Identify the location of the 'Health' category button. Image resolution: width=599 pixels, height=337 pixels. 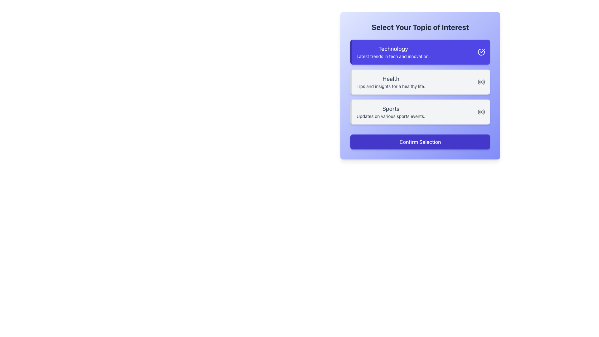
(420, 81).